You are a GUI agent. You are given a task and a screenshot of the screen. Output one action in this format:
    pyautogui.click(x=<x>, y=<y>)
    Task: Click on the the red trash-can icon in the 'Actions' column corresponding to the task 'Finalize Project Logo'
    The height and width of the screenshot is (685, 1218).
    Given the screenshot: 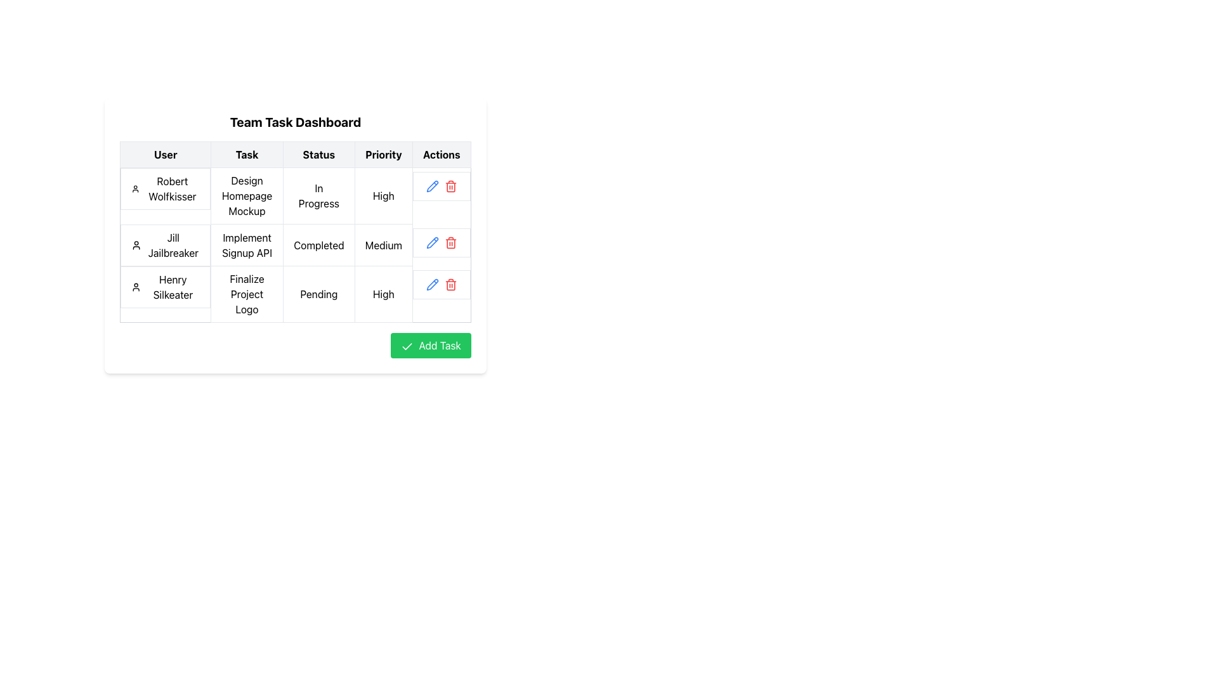 What is the action you would take?
    pyautogui.click(x=450, y=284)
    